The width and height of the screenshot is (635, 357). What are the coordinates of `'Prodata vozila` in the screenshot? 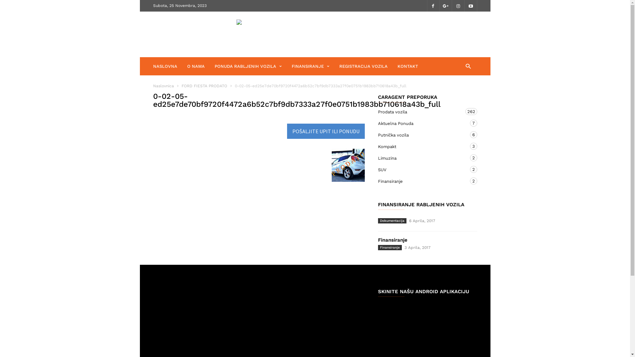 It's located at (420, 111).